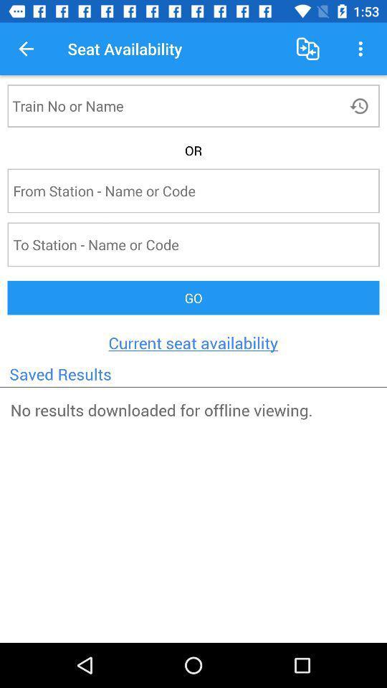 This screenshot has height=688, width=387. I want to click on the icon above current seat availability, so click(193, 297).